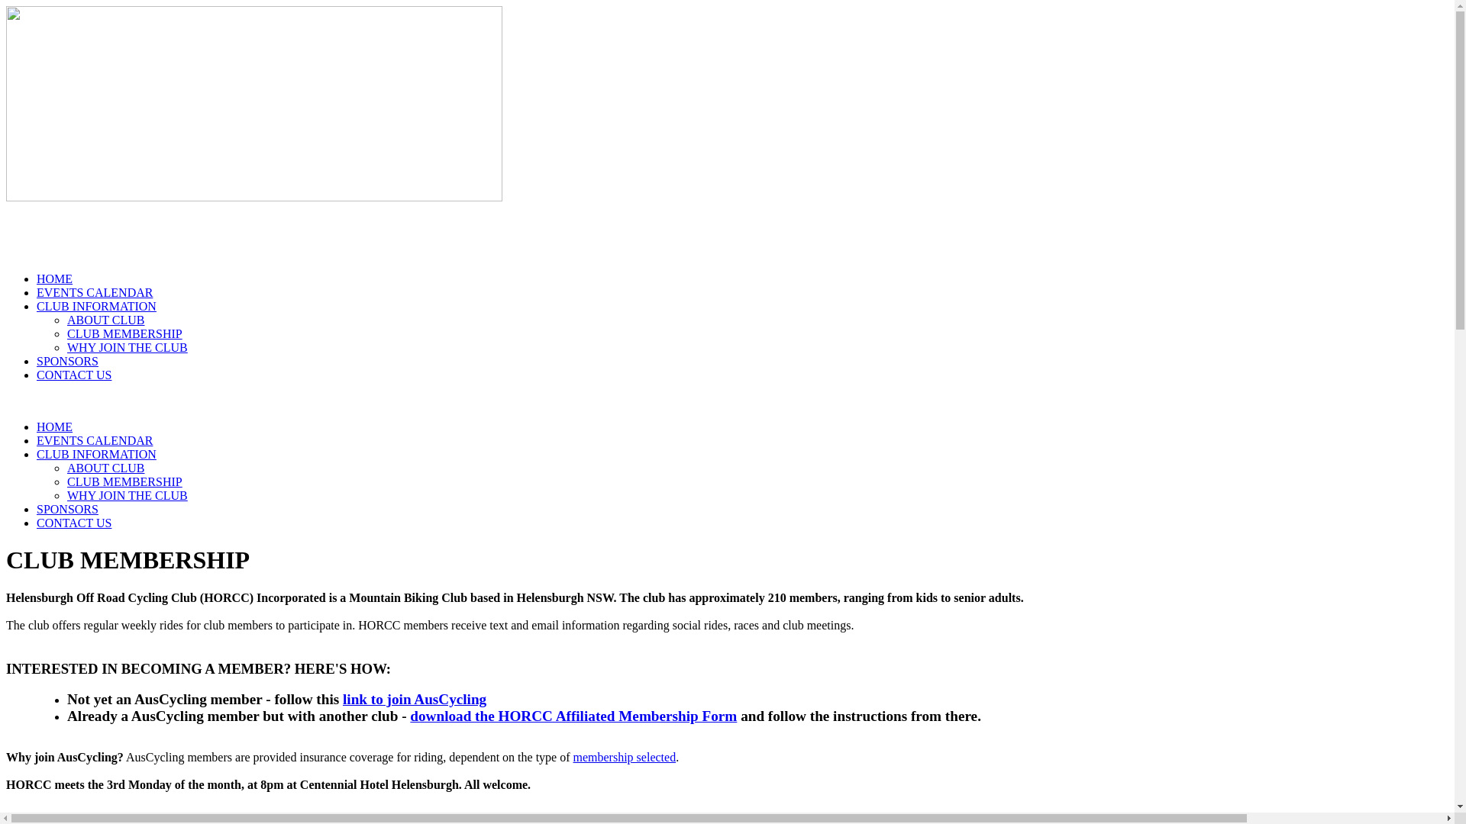 This screenshot has height=824, width=1466. Describe the element at coordinates (66, 361) in the screenshot. I see `'SPONSORS'` at that location.